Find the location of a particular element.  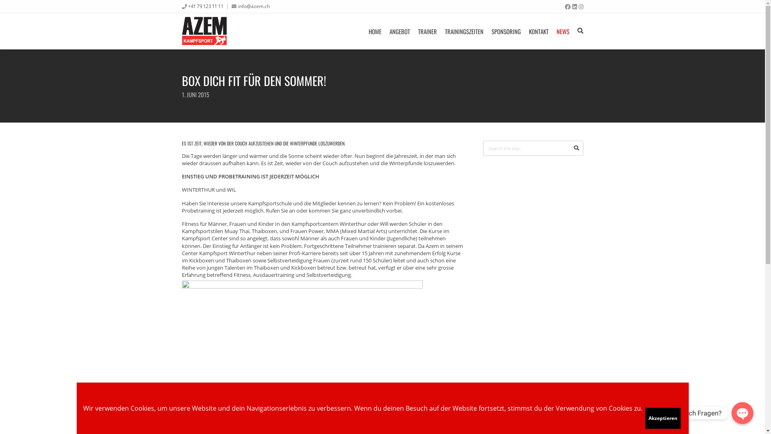

'Facebook' is located at coordinates (567, 6).